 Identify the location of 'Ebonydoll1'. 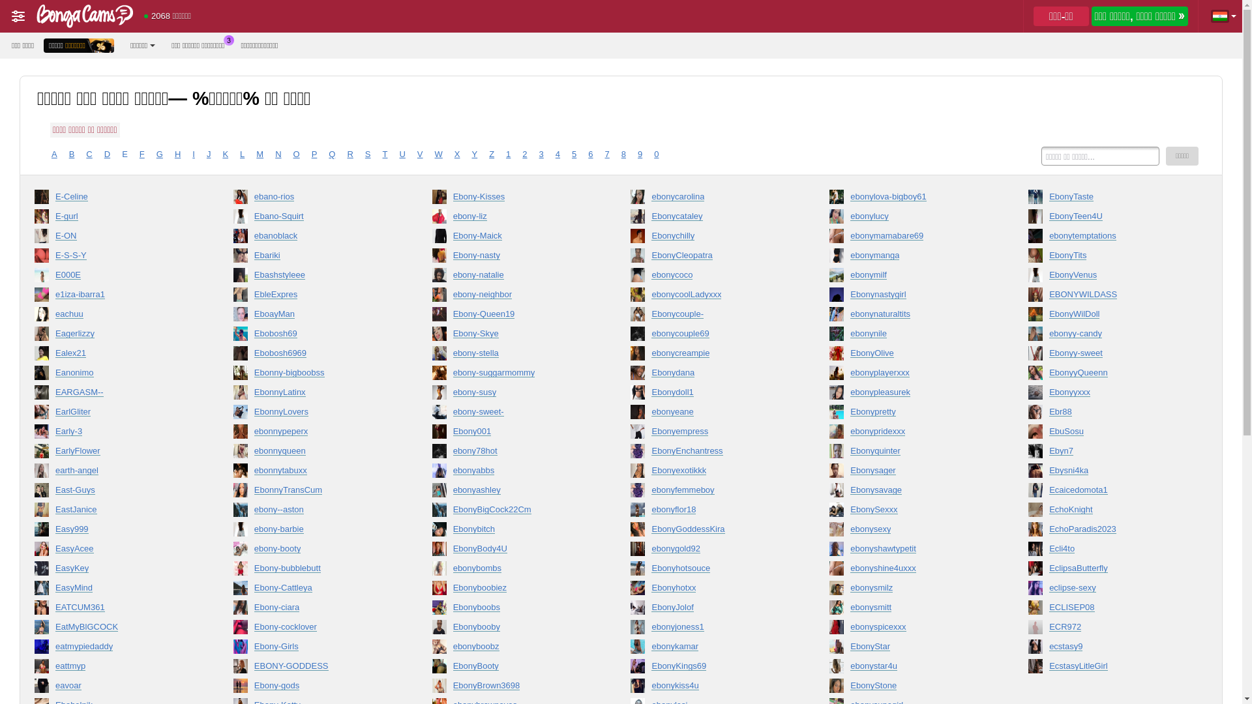
(710, 394).